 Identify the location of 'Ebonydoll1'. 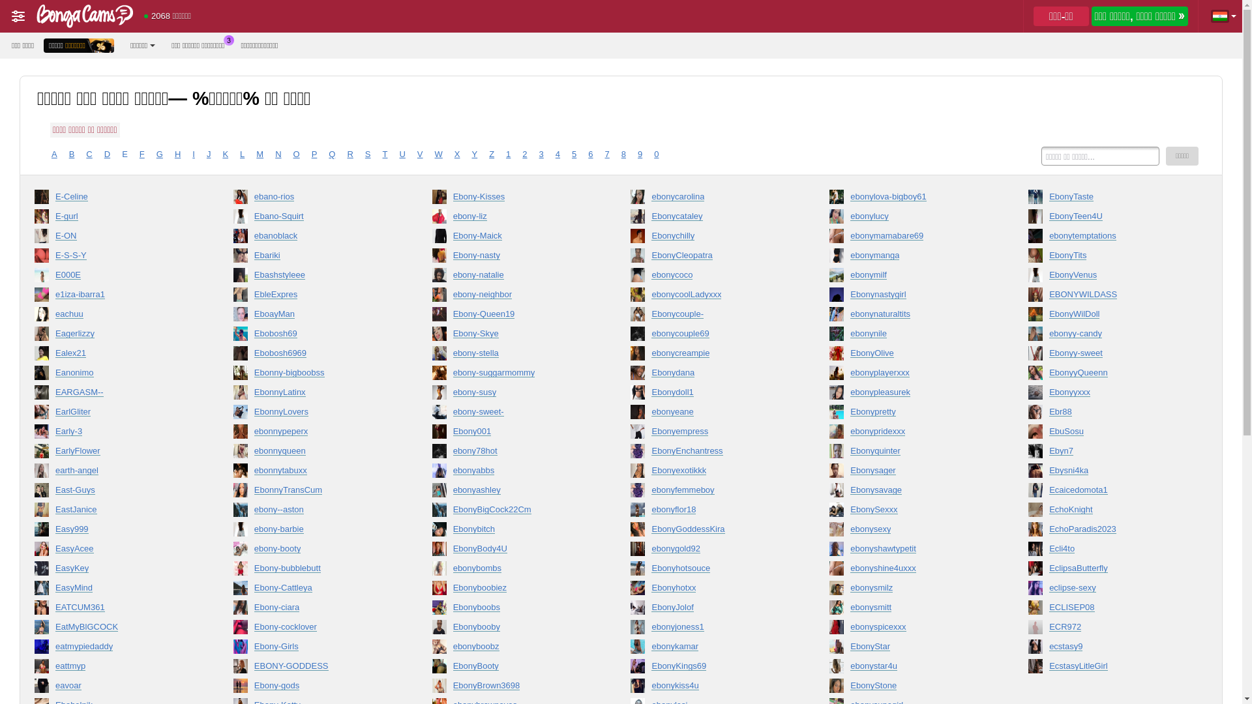
(710, 394).